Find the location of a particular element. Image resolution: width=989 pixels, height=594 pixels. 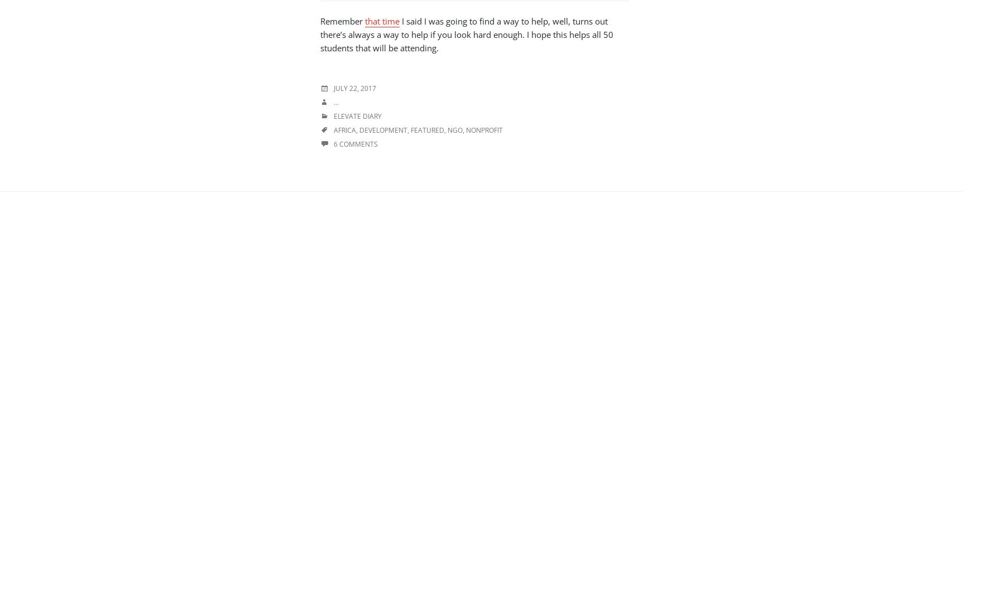

'Remember' is located at coordinates (320, 21).